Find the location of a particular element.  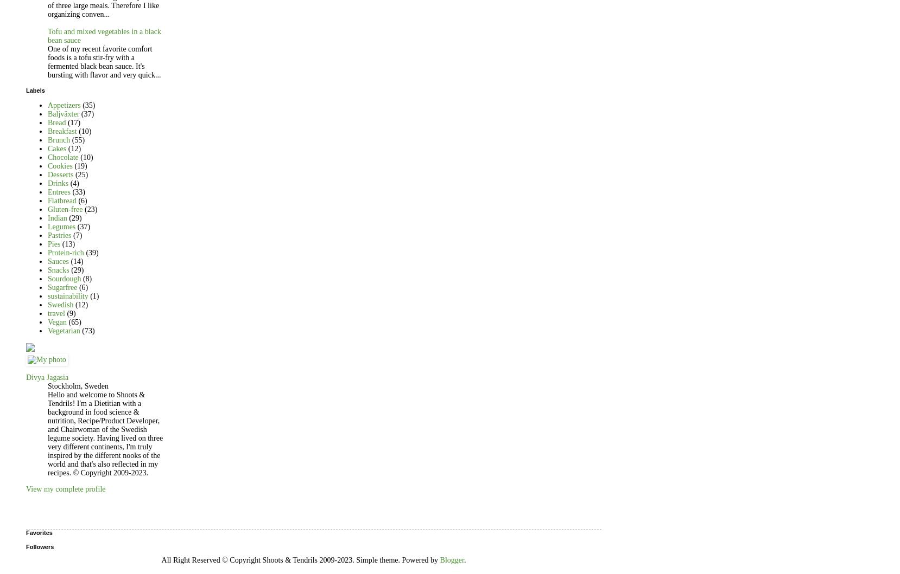

'Bread' is located at coordinates (56, 122).